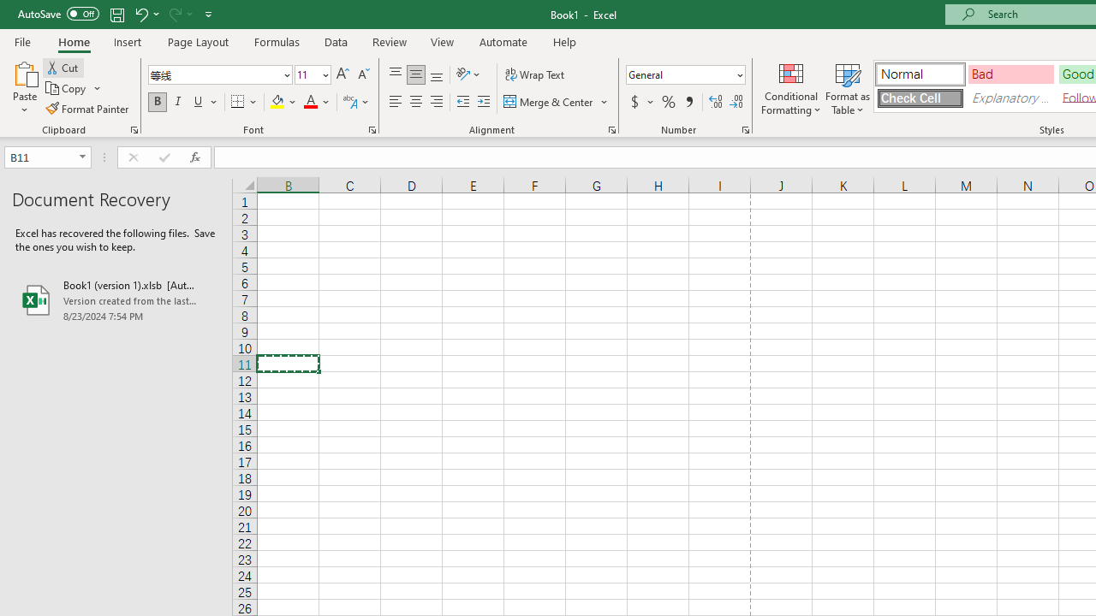 The width and height of the screenshot is (1096, 616). I want to click on 'Center', so click(415, 102).